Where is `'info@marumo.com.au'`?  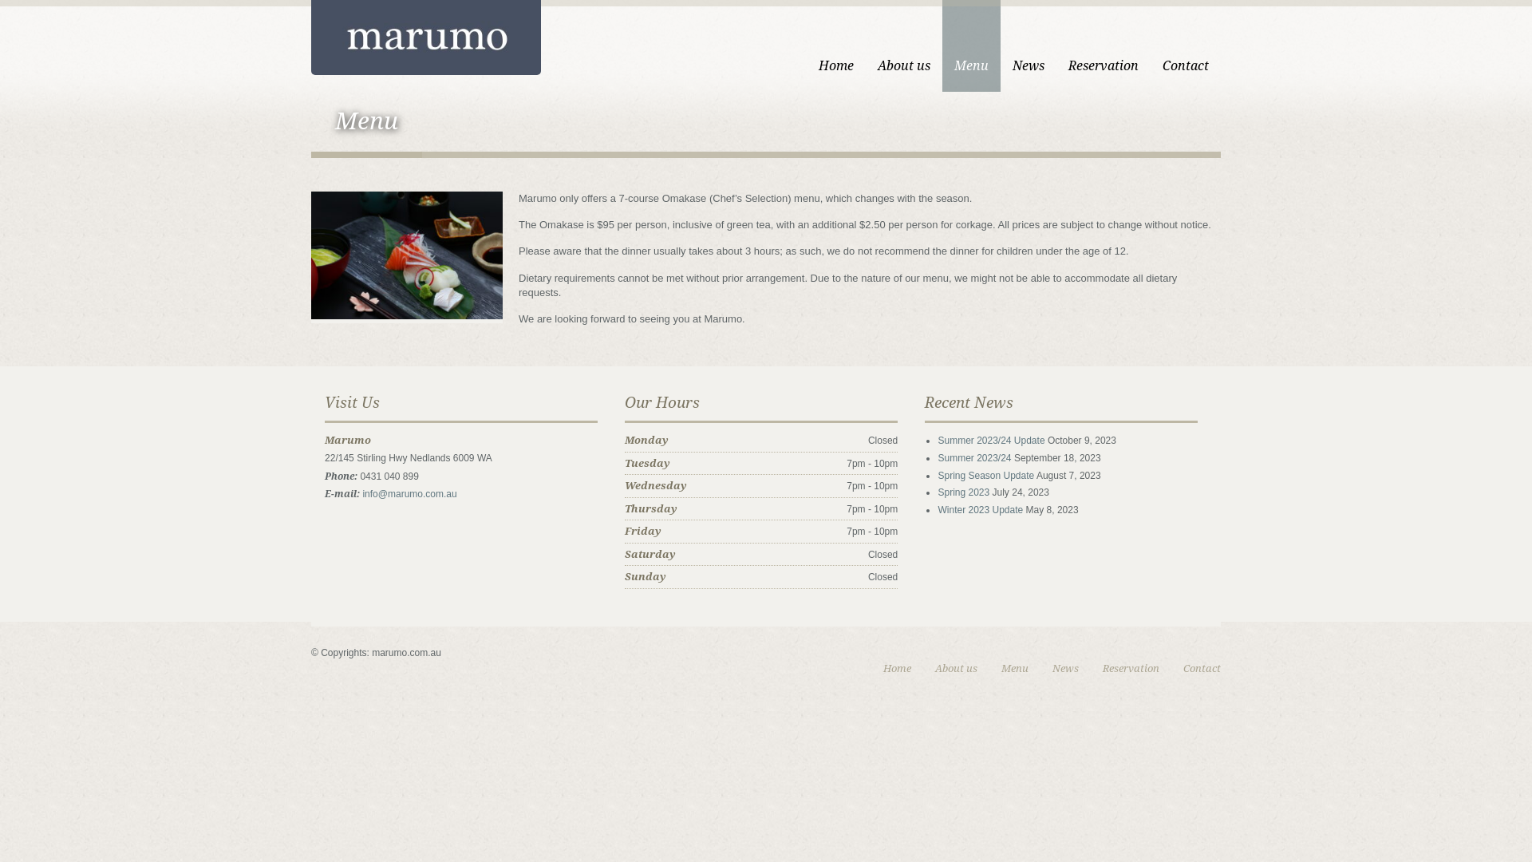
'info@marumo.com.au' is located at coordinates (361, 492).